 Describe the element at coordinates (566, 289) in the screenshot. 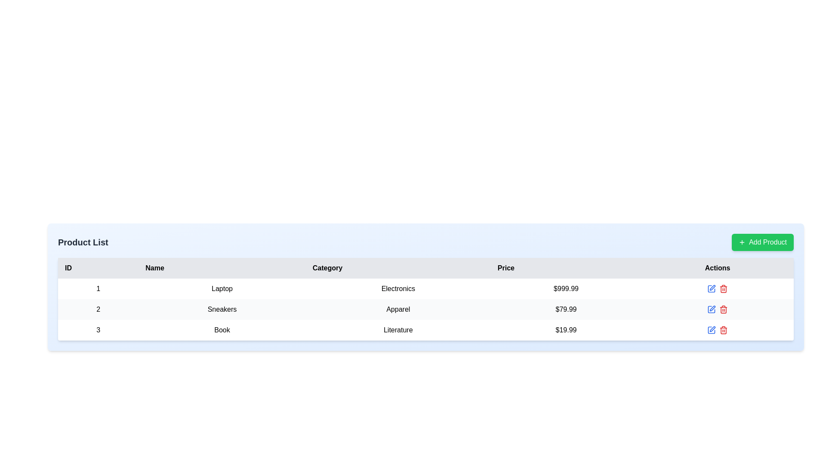

I see `the price text element displaying '$999.99' in the 'Price' column of the table row for the product 'Laptop' under the 'Electronics' category` at that location.